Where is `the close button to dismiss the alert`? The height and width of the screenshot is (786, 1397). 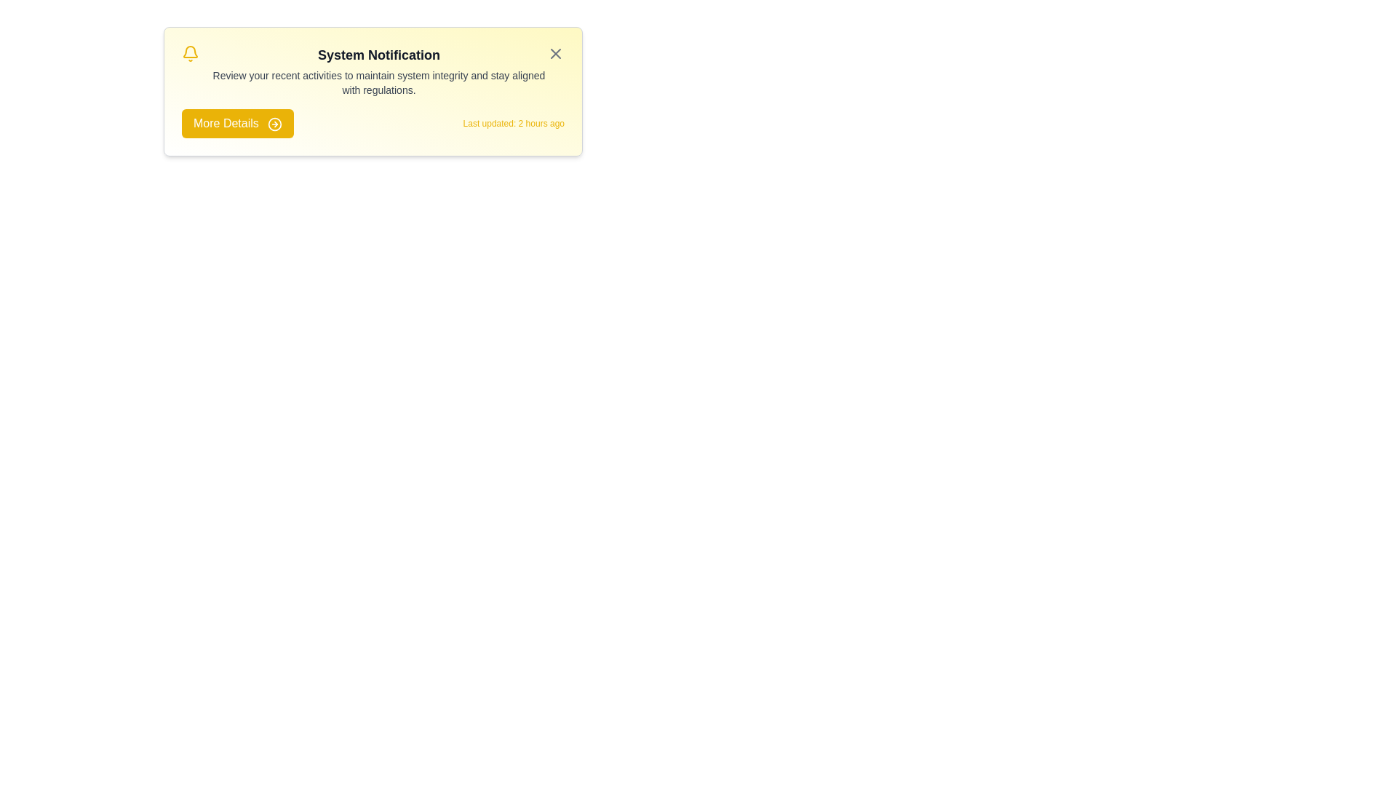 the close button to dismiss the alert is located at coordinates (554, 52).